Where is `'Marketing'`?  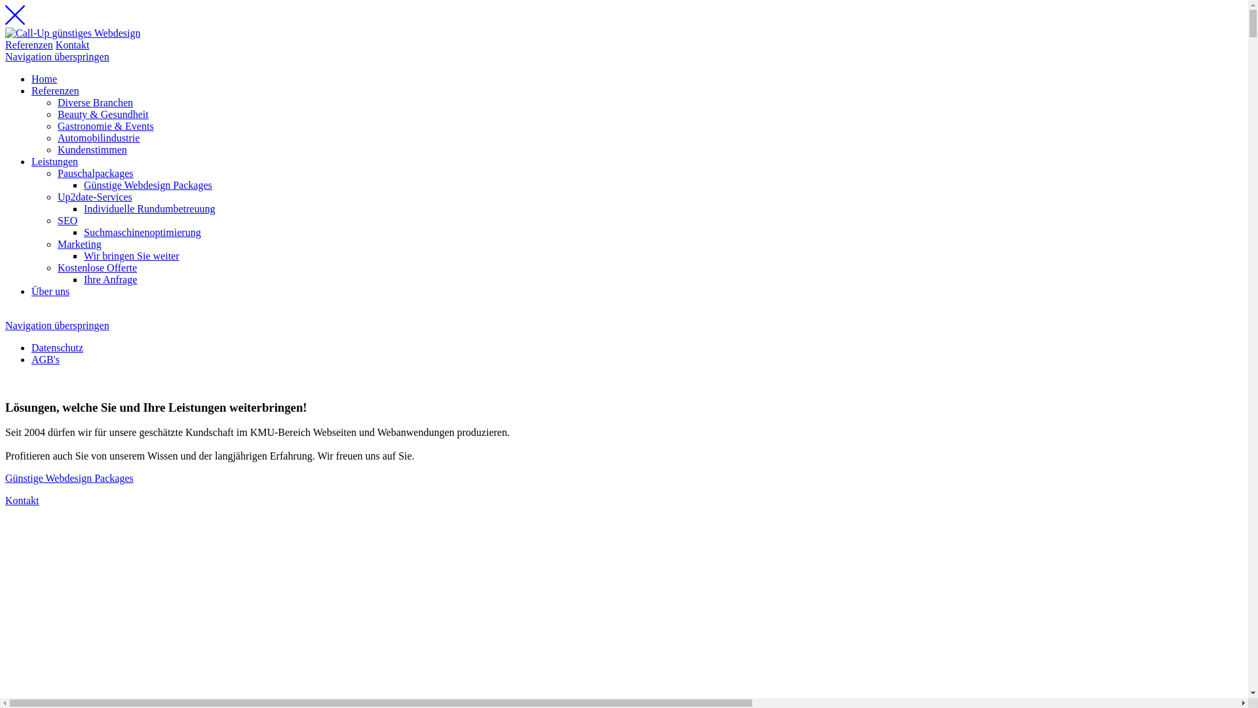
'Marketing' is located at coordinates (79, 244).